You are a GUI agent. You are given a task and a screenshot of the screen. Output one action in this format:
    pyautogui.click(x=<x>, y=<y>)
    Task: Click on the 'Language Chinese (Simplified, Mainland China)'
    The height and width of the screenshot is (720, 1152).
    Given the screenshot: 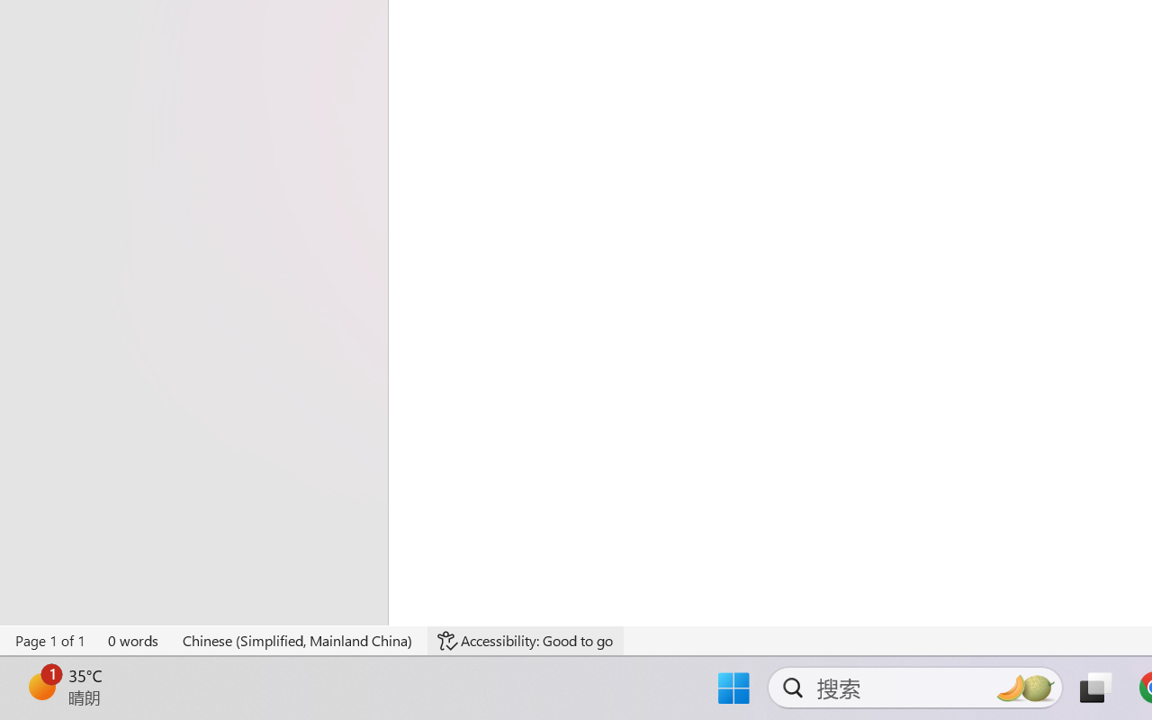 What is the action you would take?
    pyautogui.click(x=298, y=640)
    